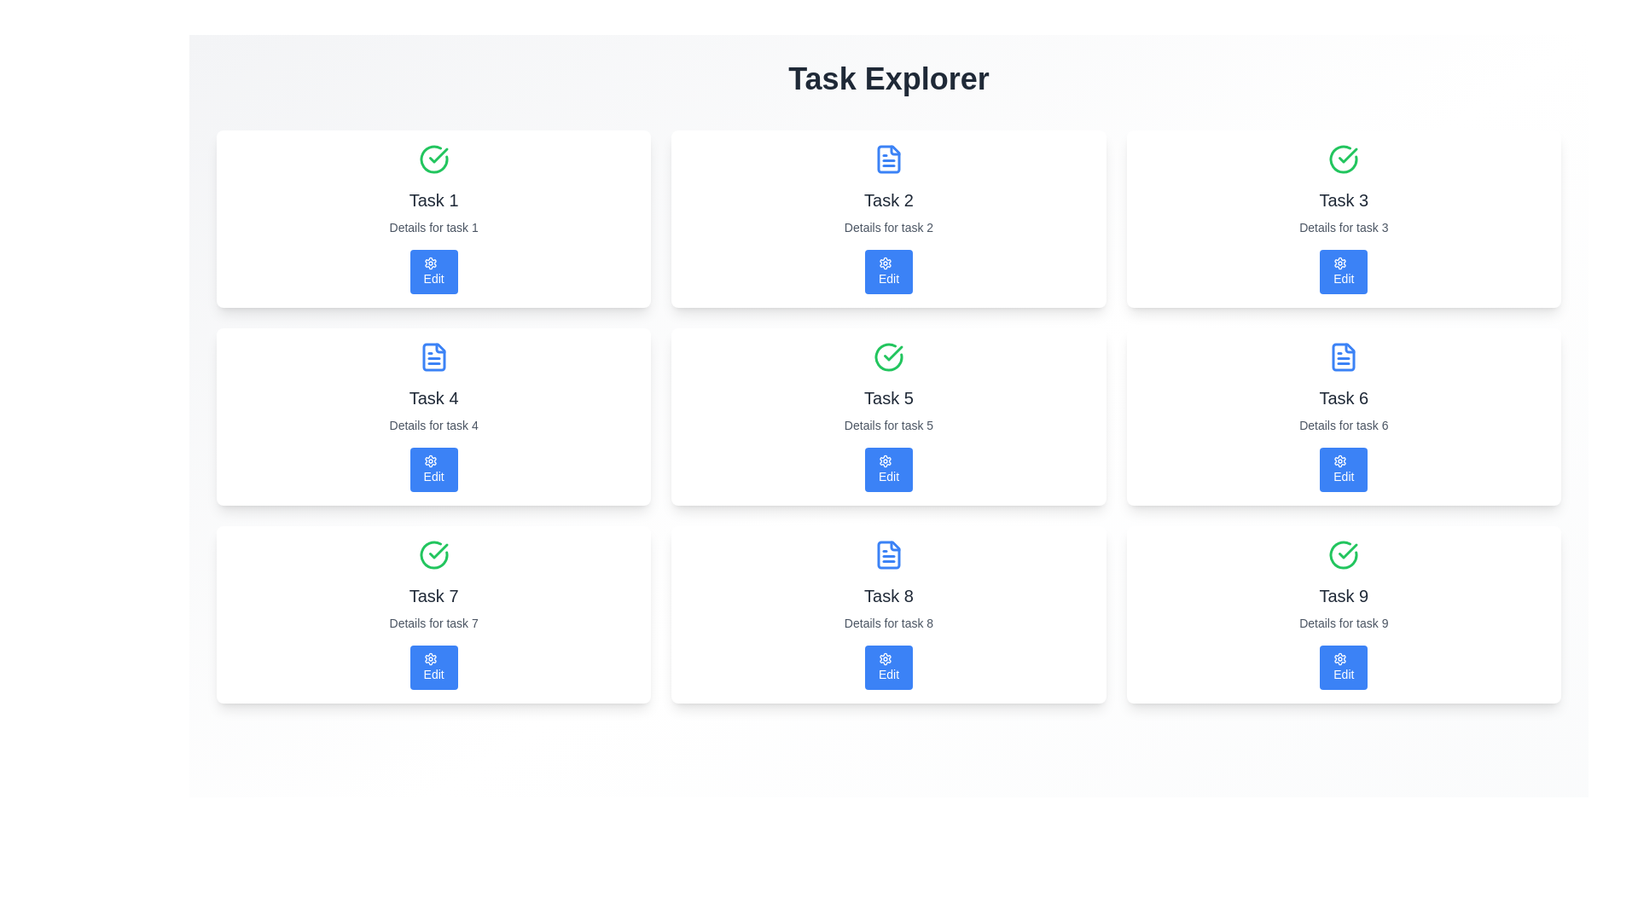 This screenshot has height=921, width=1638. I want to click on the text label displaying 'Task 6', which is styled with a bold, large font and positioned prominently in the center of the card labeled 'Task 6', so click(1343, 397).